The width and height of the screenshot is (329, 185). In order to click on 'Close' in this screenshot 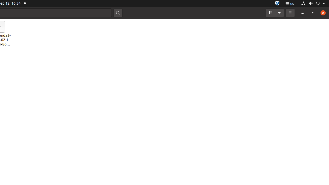, I will do `click(323, 12)`.